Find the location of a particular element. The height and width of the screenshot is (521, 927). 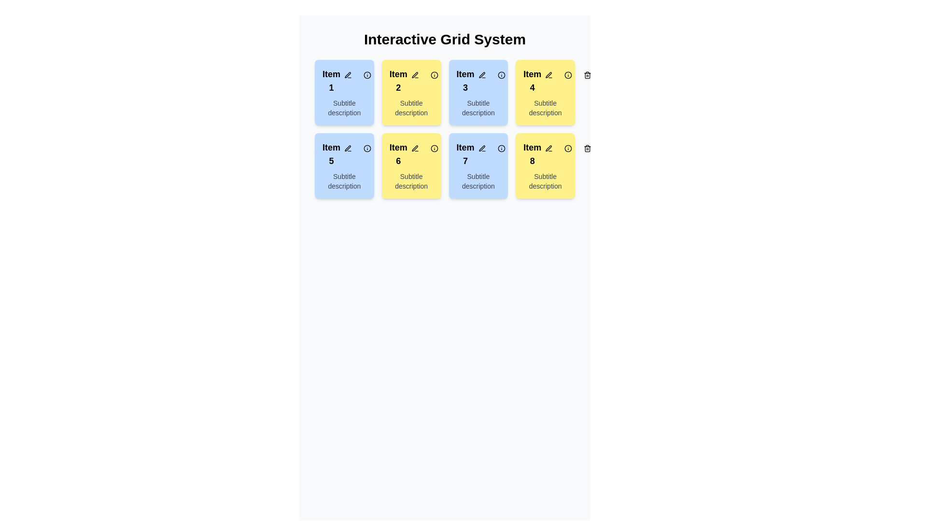

the edit button for 'Item 7' located on the leftmost side of the action group in the grid is located at coordinates (482, 149).